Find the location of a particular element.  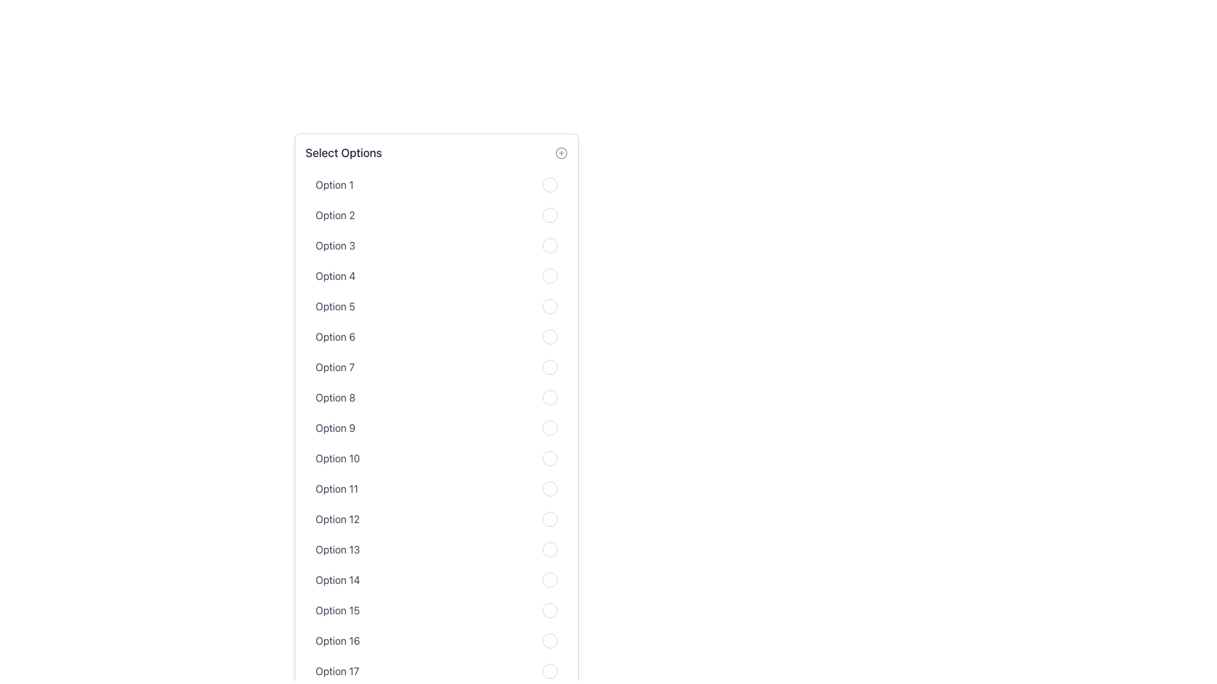

the circular indicator button located to the right of the text 'Option 13' is located at coordinates (550, 548).